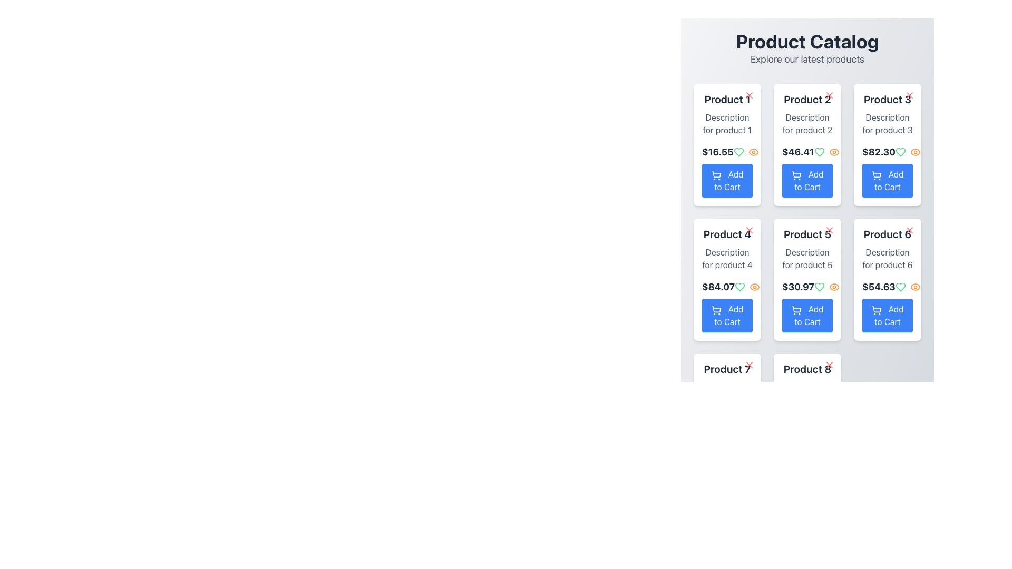  I want to click on the price label located in the fourth card of the second row, so click(718, 287).